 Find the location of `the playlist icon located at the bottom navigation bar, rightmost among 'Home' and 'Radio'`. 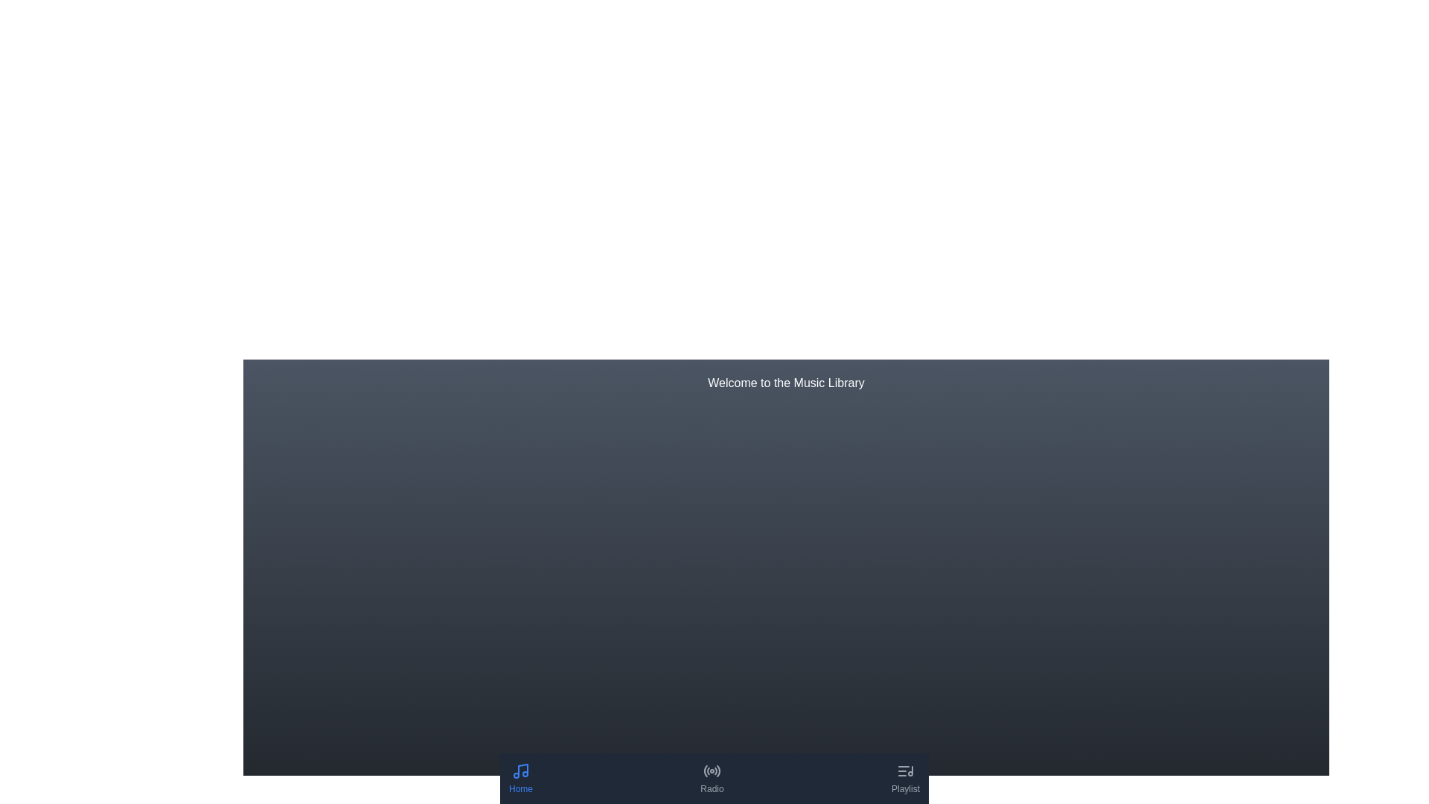

the playlist icon located at the bottom navigation bar, rightmost among 'Home' and 'Radio' is located at coordinates (904, 770).